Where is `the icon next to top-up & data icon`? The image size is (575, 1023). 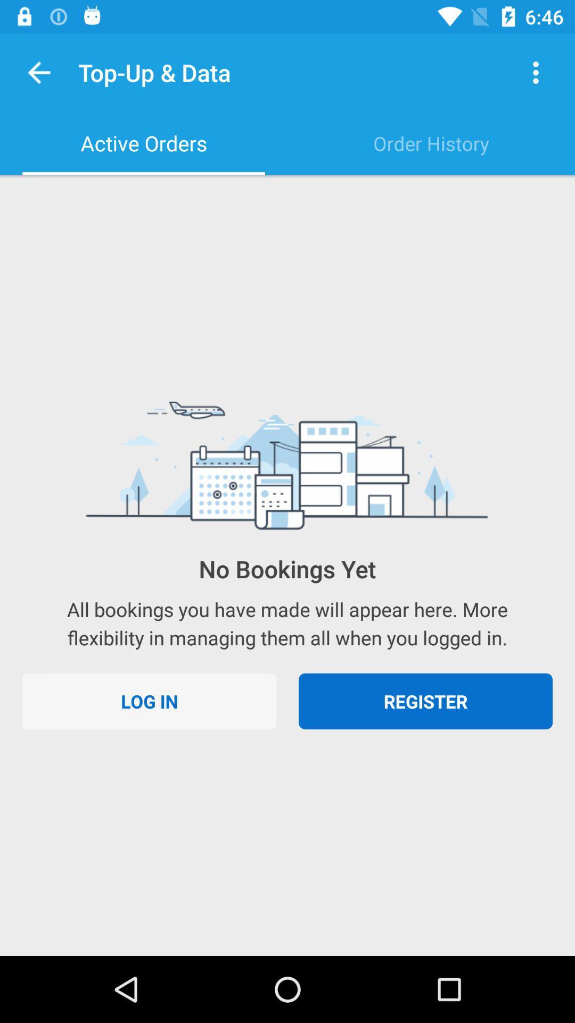
the icon next to top-up & data icon is located at coordinates (536, 72).